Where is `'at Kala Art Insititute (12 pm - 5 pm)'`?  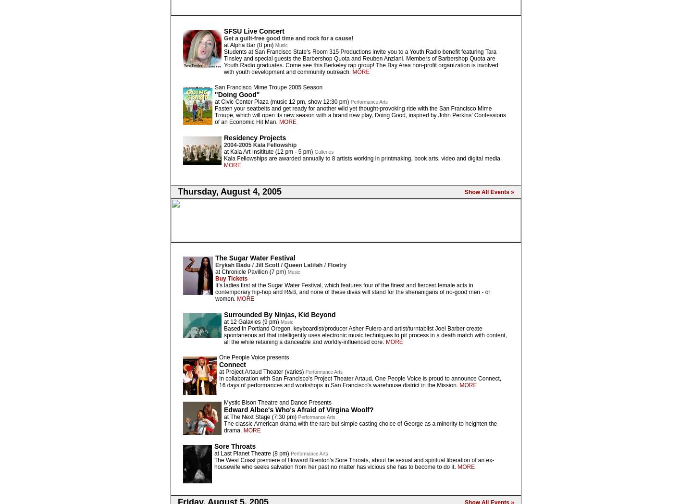 'at Kala Art Insititute (12 pm - 5 pm)' is located at coordinates (269, 151).